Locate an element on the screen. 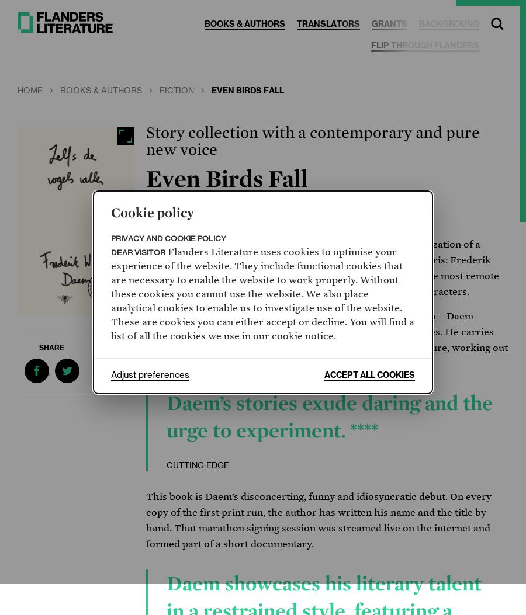  'Daem’s stories exude daring and the urge to experiment. ****' is located at coordinates (330, 416).